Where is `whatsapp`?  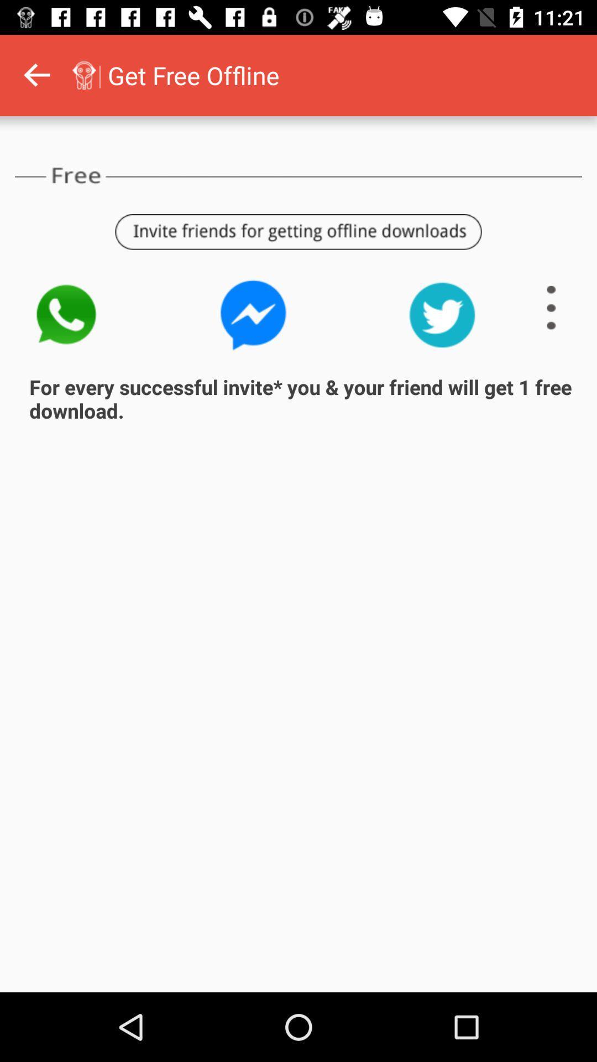
whatsapp is located at coordinates (65, 314).